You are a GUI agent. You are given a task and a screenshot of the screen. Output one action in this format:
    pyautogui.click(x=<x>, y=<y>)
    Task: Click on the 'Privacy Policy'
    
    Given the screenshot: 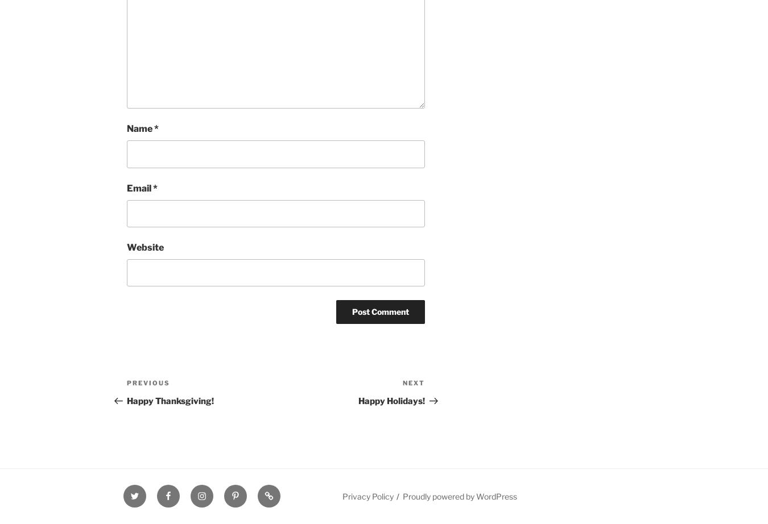 What is the action you would take?
    pyautogui.click(x=367, y=495)
    